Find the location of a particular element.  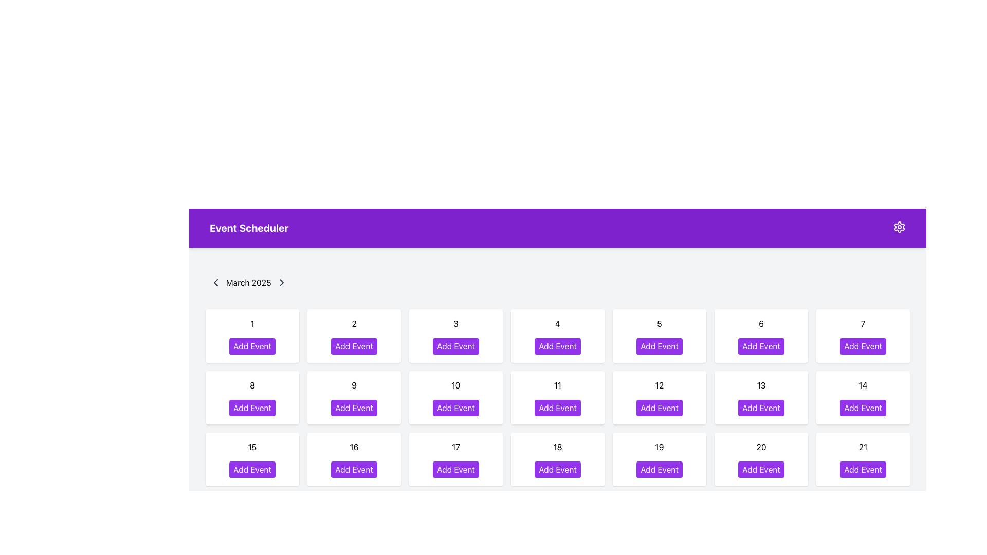

the 'Add Event' button located in the second row and first column of the scheduling grid in the 'Event Scheduler' interface is located at coordinates (252, 397).